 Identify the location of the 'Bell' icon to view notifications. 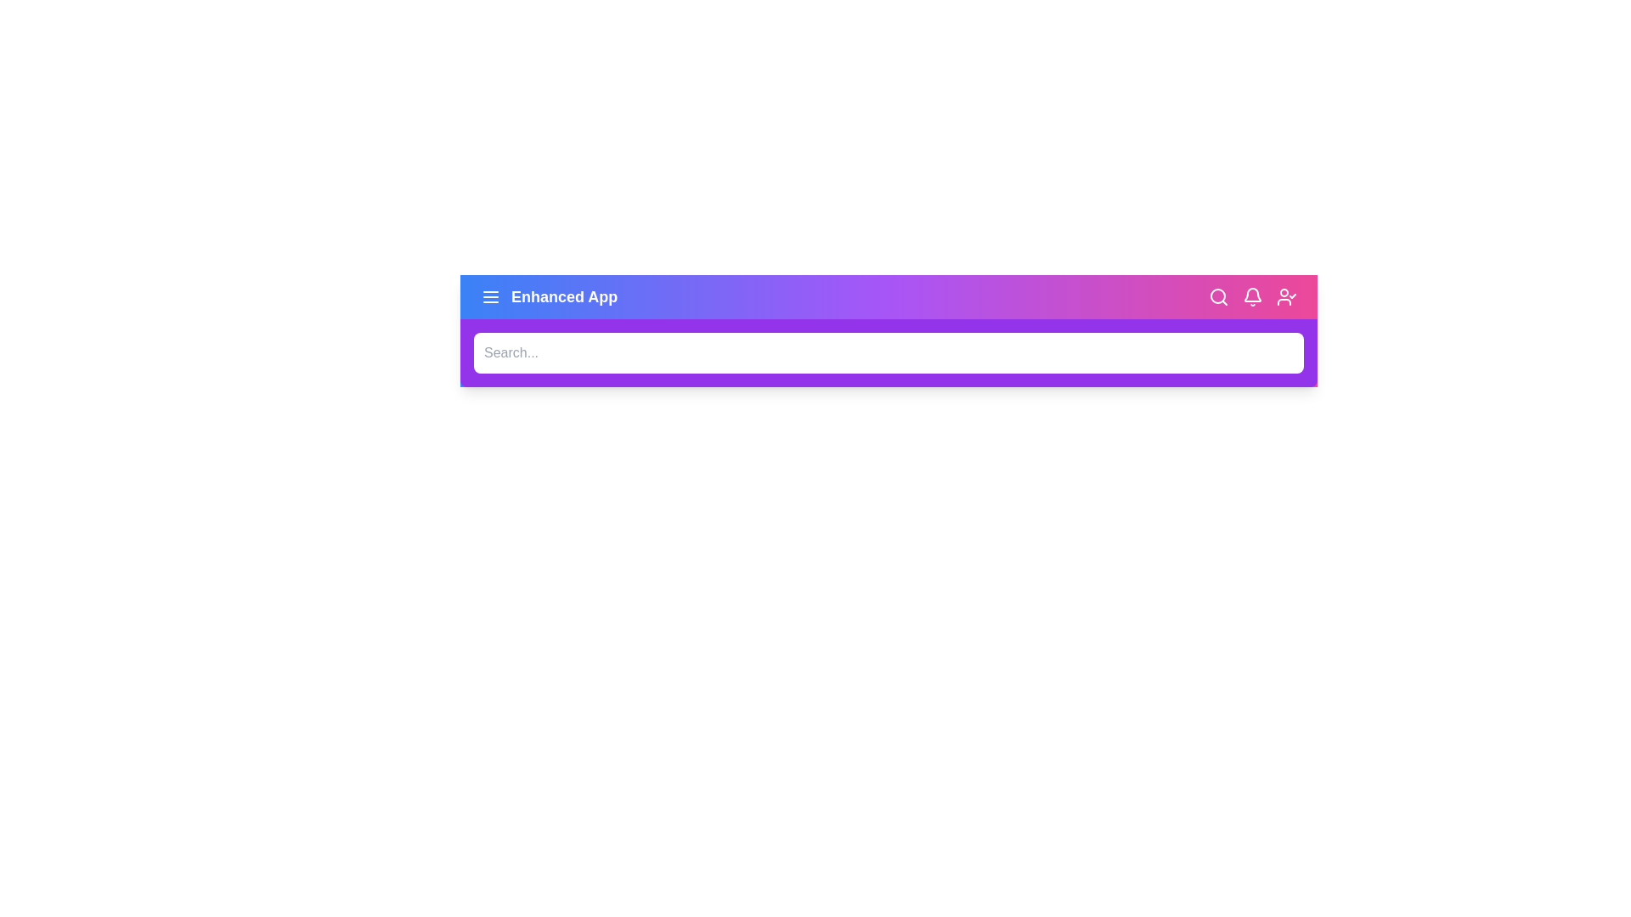
(1252, 296).